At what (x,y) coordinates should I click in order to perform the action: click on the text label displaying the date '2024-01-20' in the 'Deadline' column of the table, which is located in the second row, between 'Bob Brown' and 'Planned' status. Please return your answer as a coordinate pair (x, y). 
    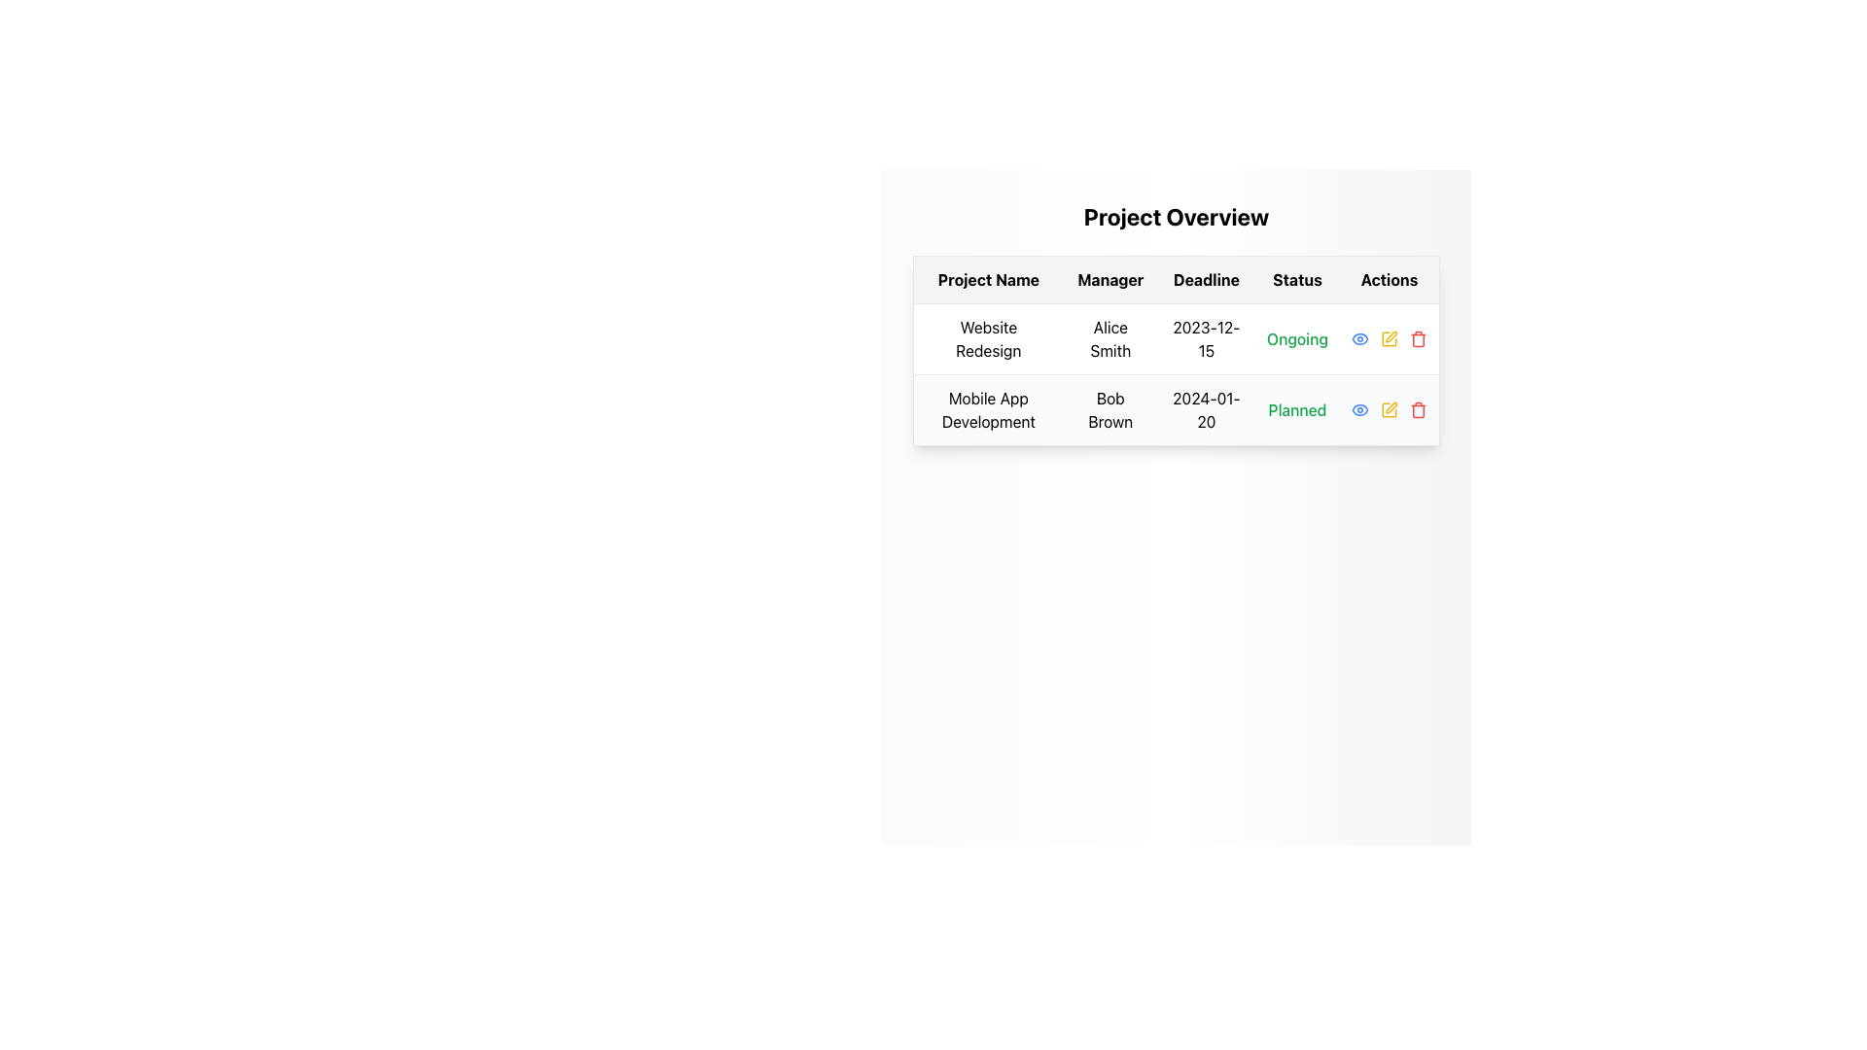
    Looking at the image, I should click on (1205, 408).